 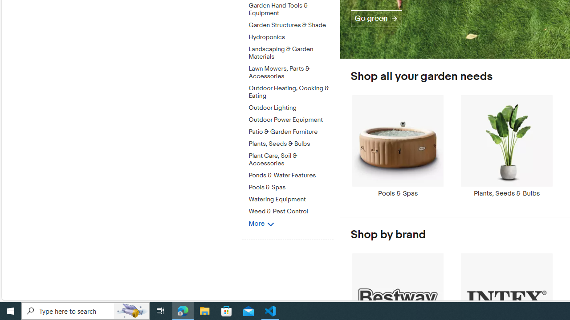 I want to click on 'Weed & Pest Control', so click(x=291, y=212).